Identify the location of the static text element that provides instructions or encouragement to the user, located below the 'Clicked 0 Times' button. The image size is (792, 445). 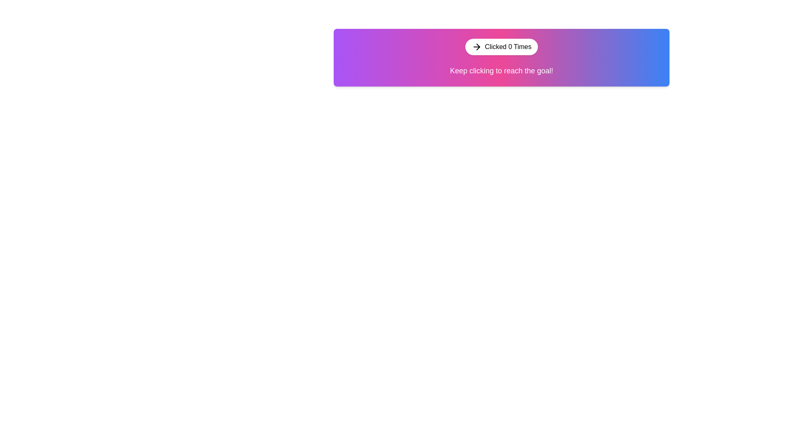
(501, 70).